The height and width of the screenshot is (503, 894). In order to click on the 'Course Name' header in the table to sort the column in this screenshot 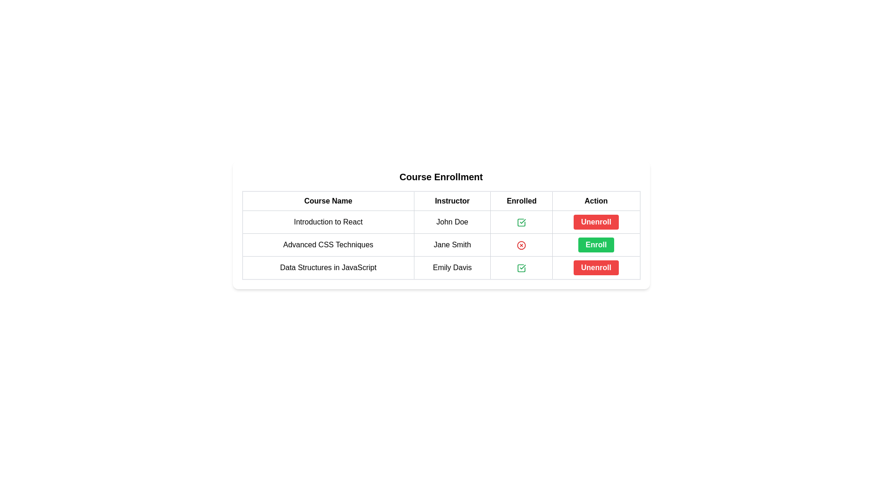, I will do `click(328, 200)`.